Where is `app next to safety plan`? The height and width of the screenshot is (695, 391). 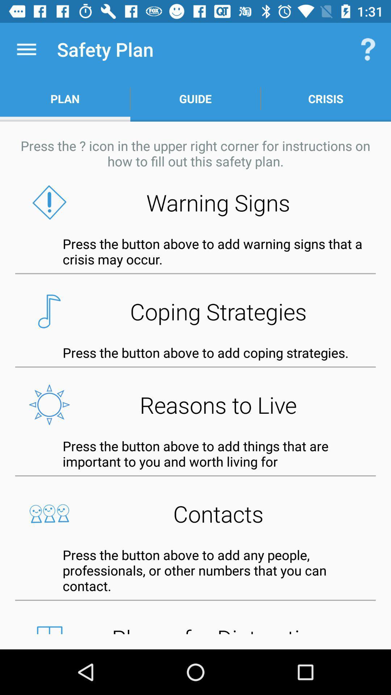 app next to safety plan is located at coordinates (26, 49).